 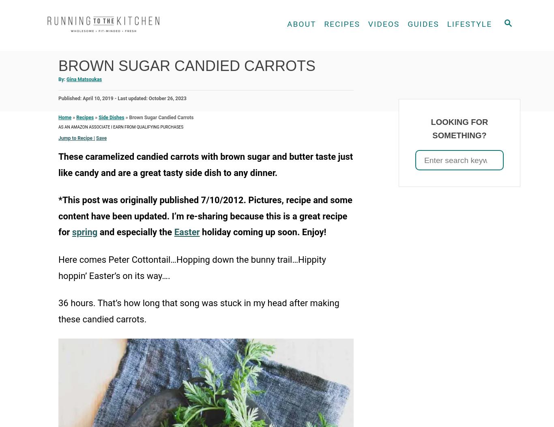 I want to click on 'All Lifestyle', so click(x=455, y=43).